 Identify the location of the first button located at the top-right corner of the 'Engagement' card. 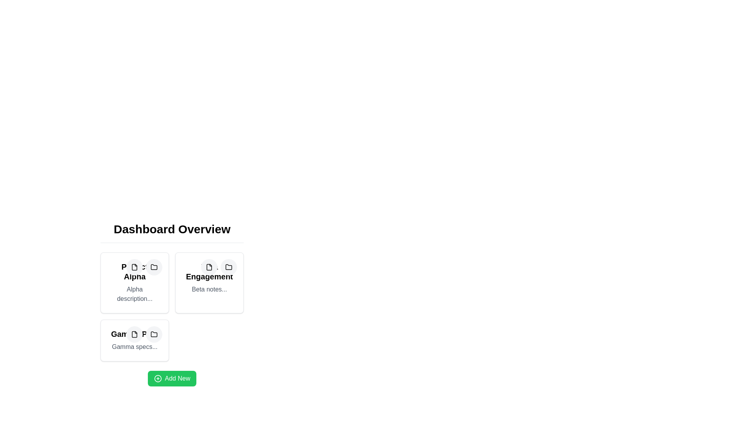
(209, 266).